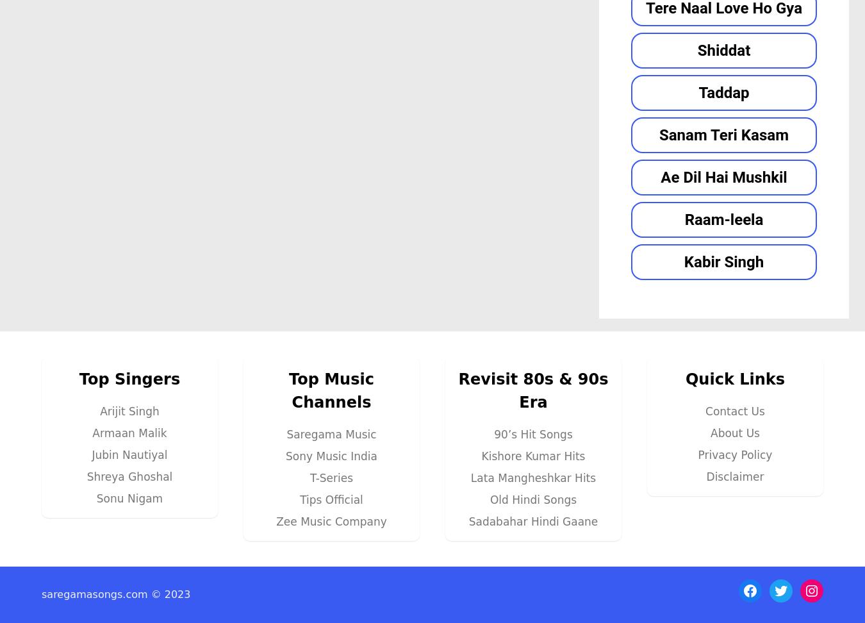 The height and width of the screenshot is (623, 865). Describe the element at coordinates (331, 520) in the screenshot. I see `'Zee Music Company'` at that location.